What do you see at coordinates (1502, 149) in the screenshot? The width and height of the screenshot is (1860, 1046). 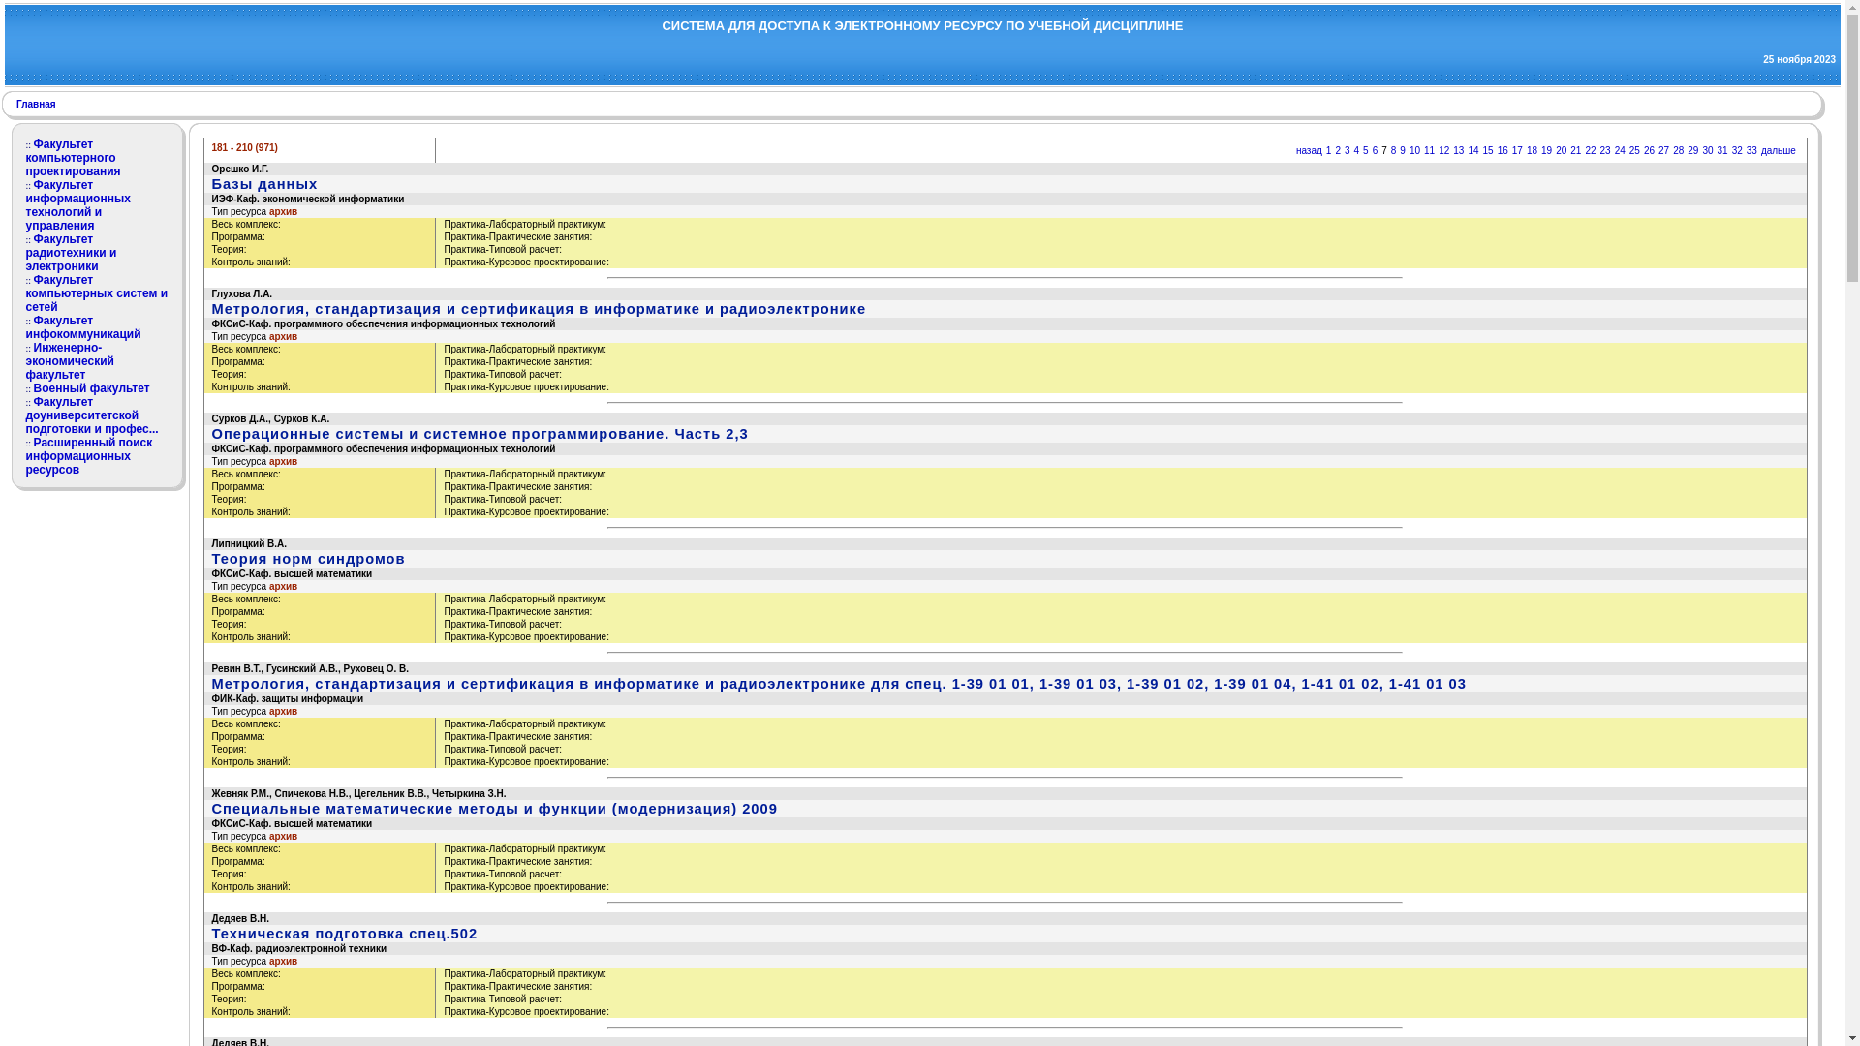 I see `'16'` at bounding box center [1502, 149].